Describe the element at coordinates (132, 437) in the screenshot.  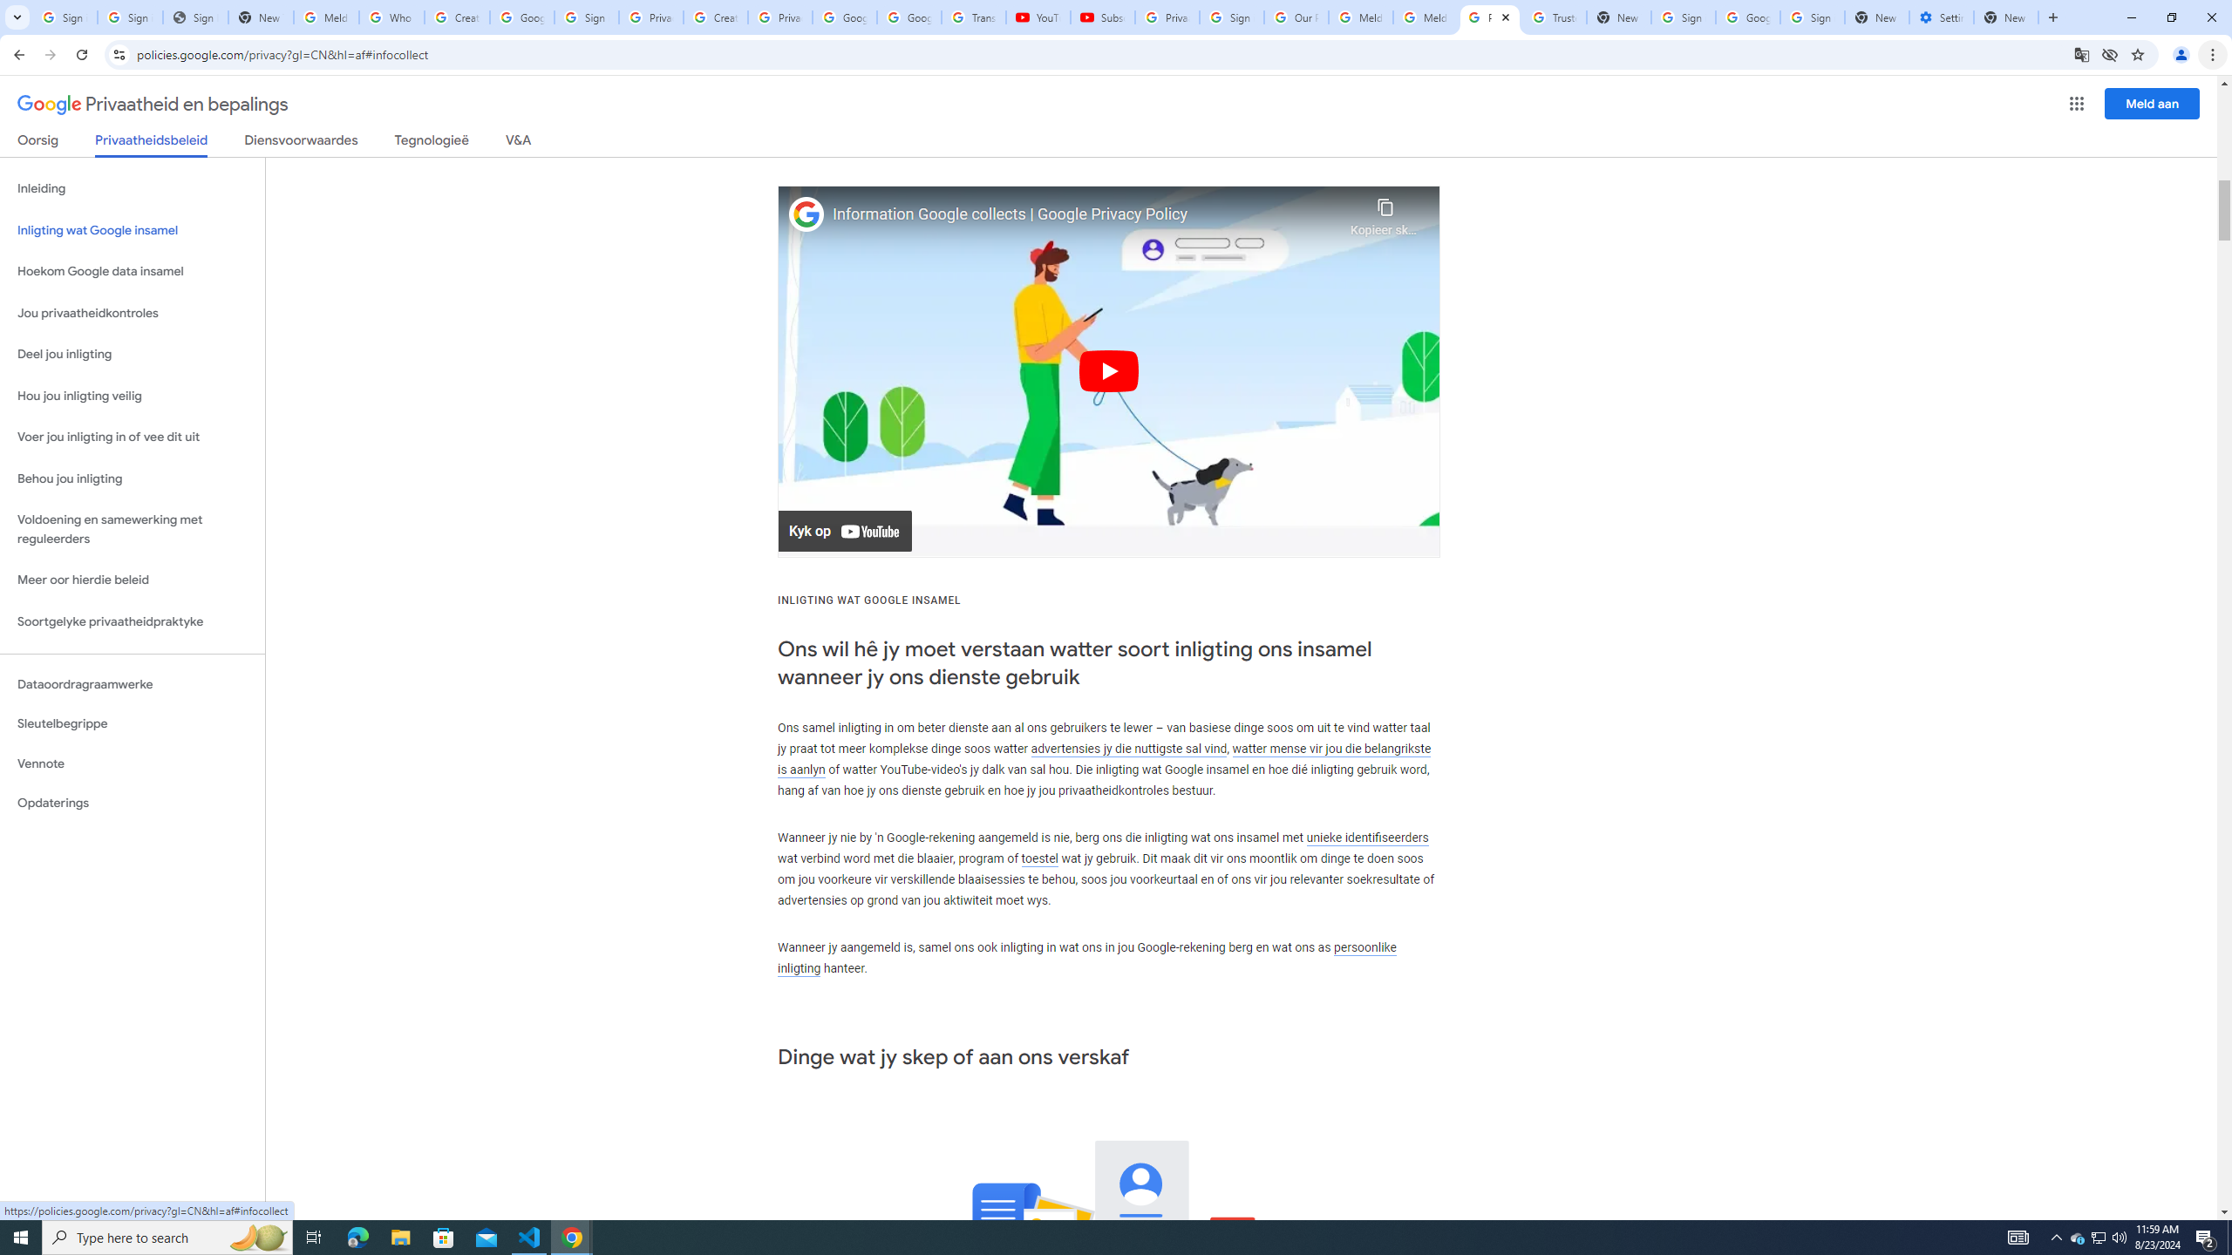
I see `'Voer jou inligting in of vee dit uit'` at that location.